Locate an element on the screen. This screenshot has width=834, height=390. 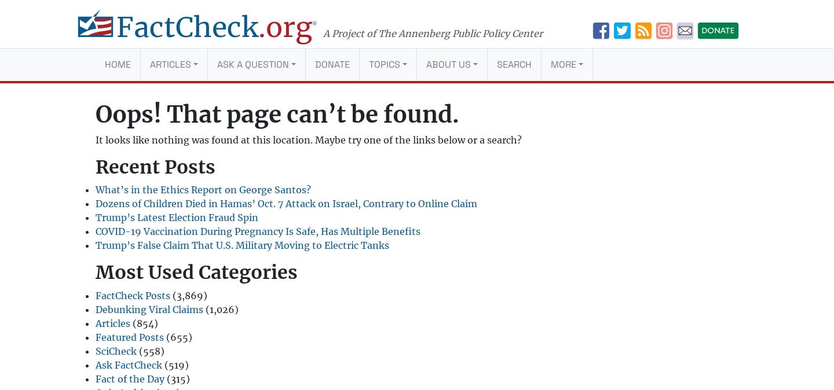
'(3,869)' is located at coordinates (189, 295).